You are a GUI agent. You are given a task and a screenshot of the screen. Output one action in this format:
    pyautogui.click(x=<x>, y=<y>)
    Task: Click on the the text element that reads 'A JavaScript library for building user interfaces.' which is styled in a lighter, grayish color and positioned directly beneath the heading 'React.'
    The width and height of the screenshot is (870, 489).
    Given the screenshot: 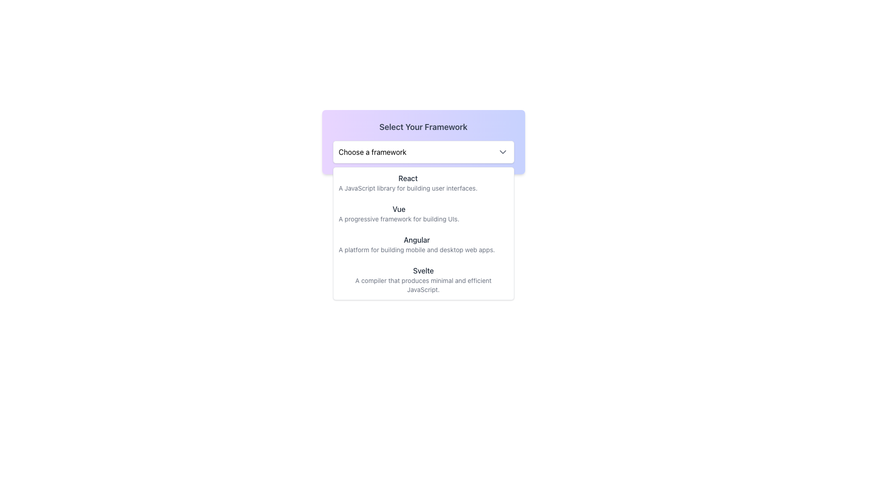 What is the action you would take?
    pyautogui.click(x=407, y=188)
    